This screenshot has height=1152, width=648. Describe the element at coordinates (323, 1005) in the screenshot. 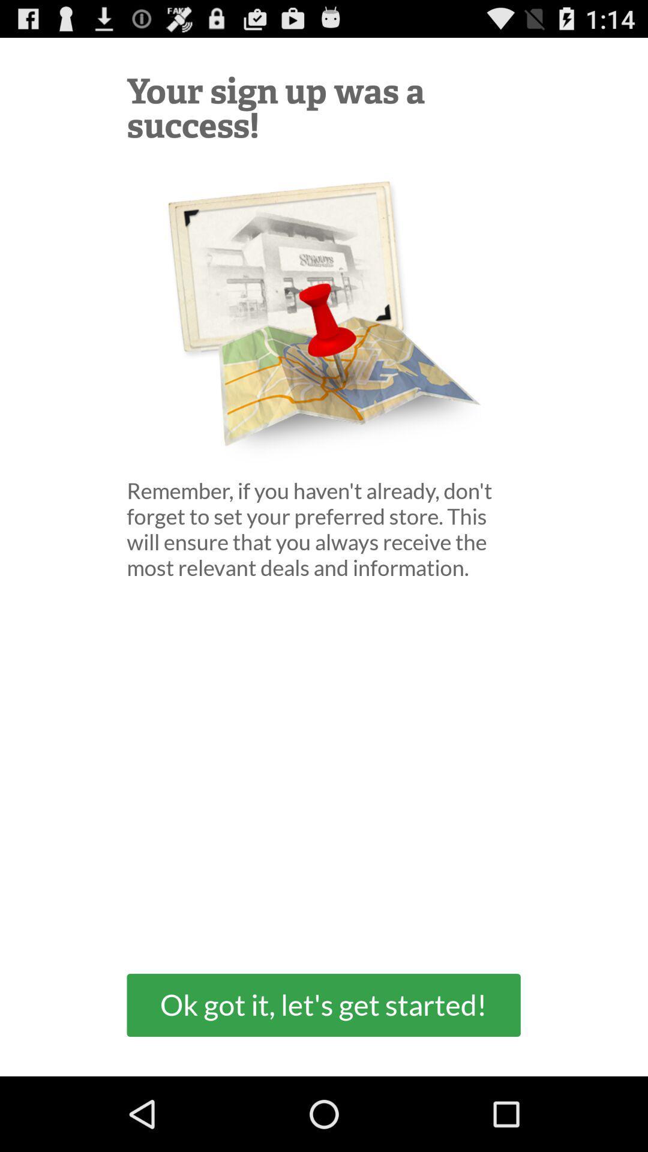

I see `ok got it` at that location.